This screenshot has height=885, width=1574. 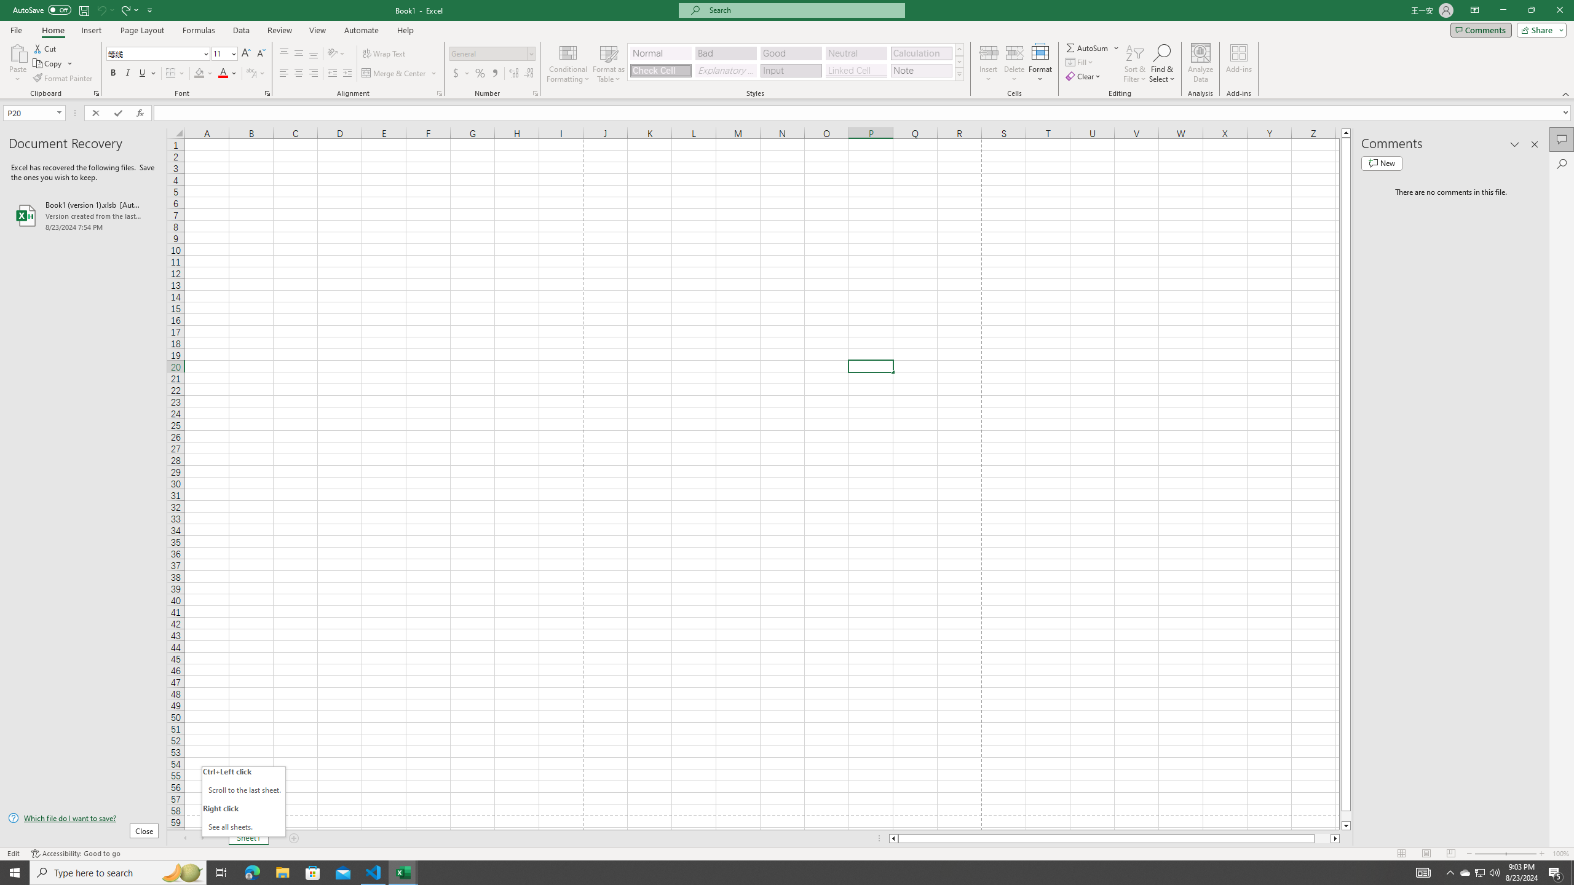 What do you see at coordinates (855, 53) in the screenshot?
I see `'Neutral'` at bounding box center [855, 53].